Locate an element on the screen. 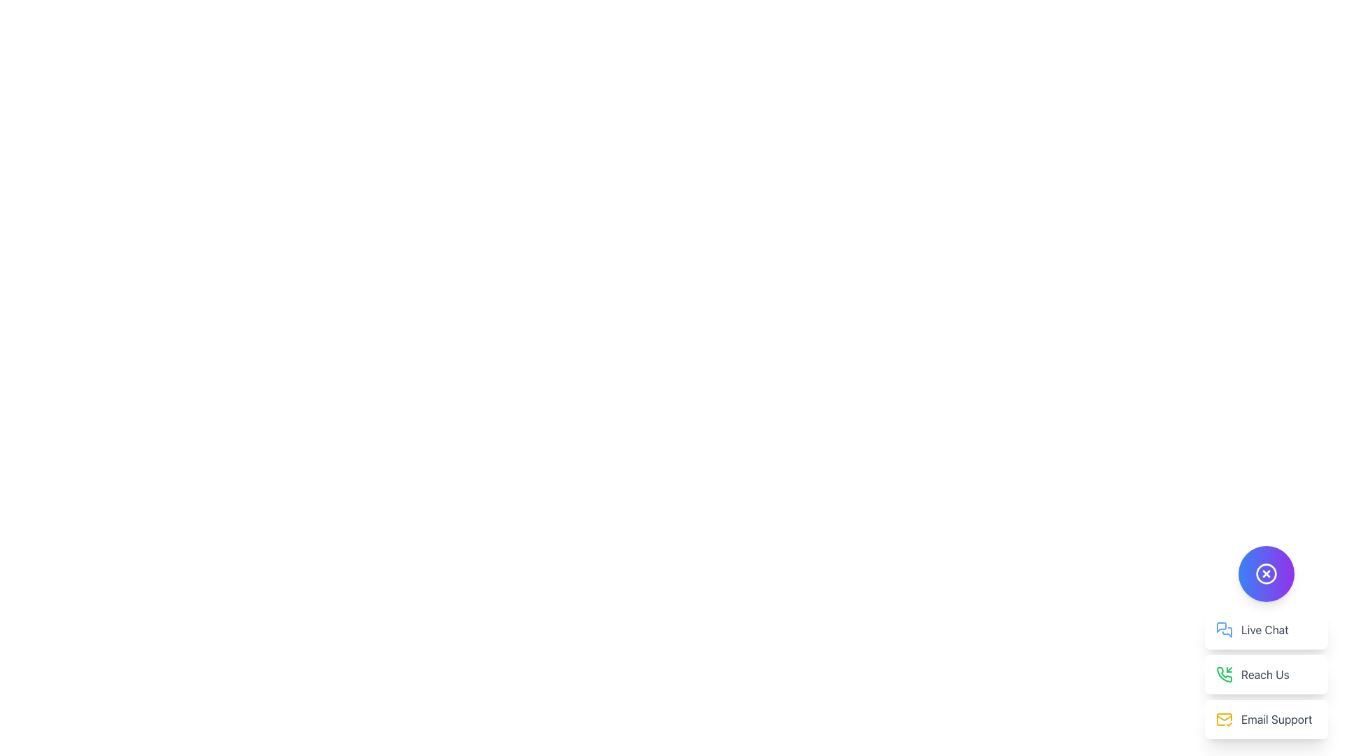  the 'Reach Us' button, which is a white rectangular button with a green phone icon and grey text, located in the center-right portion of the interface, below 'Live Chat' is located at coordinates (1267, 674).